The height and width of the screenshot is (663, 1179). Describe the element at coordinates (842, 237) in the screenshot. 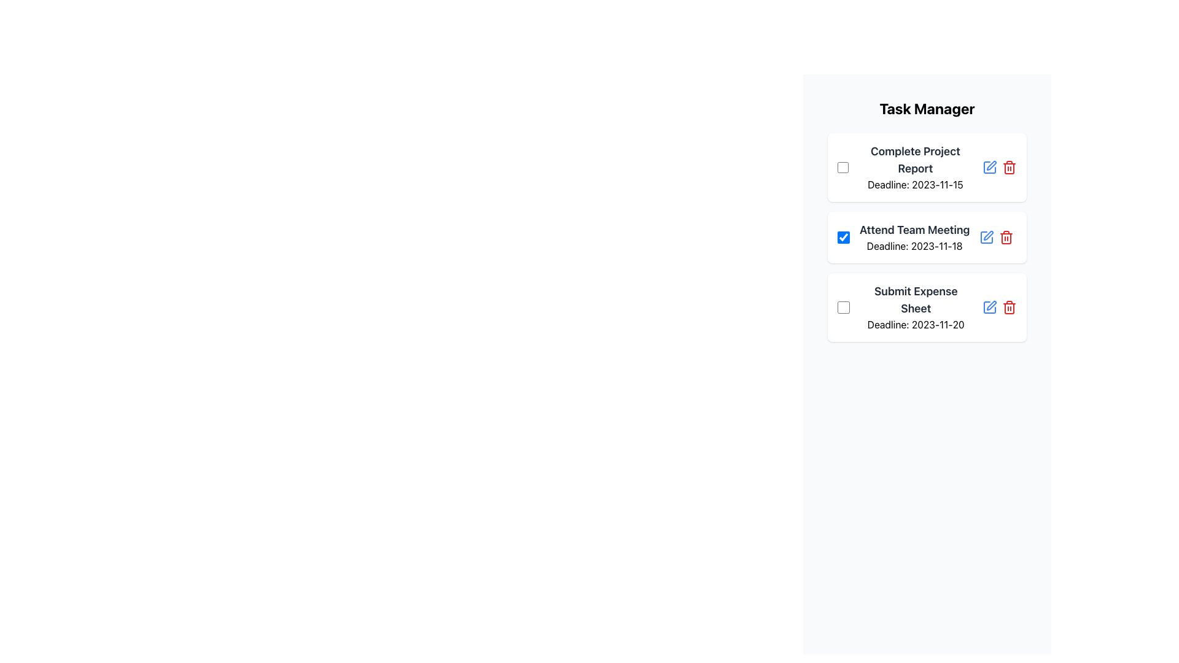

I see `the checkbox styled with a class of 'form-checkbox'` at that location.